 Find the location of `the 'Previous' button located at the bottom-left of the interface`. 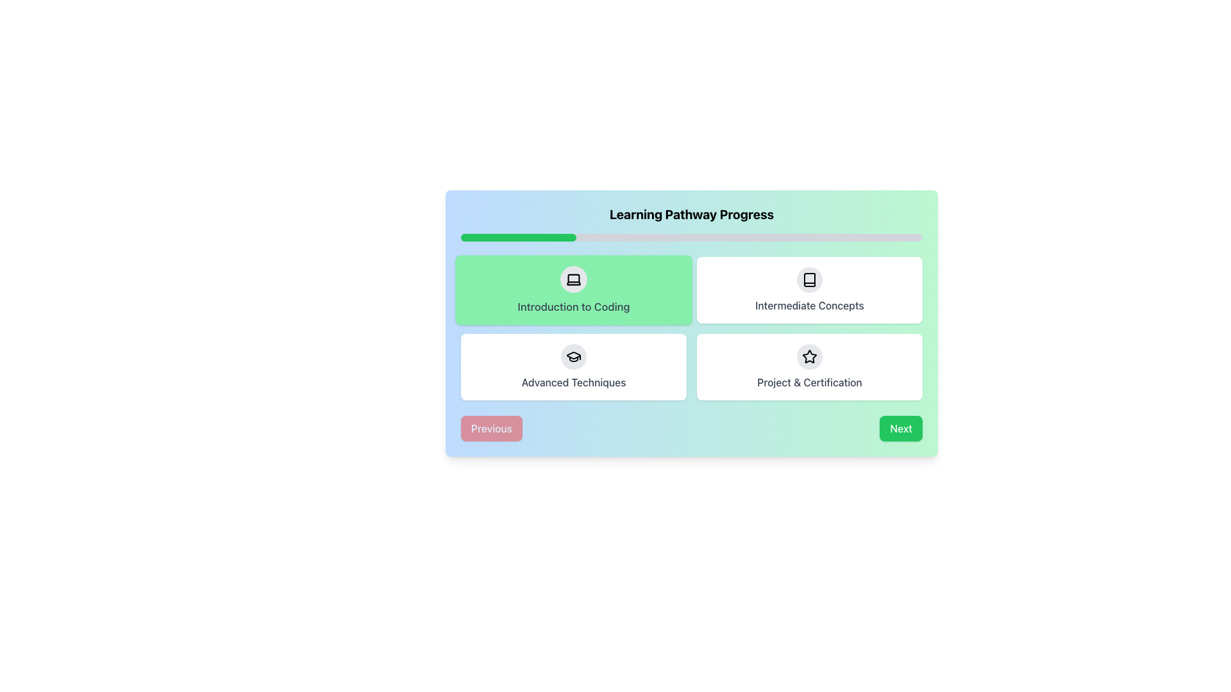

the 'Previous' button located at the bottom-left of the interface is located at coordinates (491, 428).